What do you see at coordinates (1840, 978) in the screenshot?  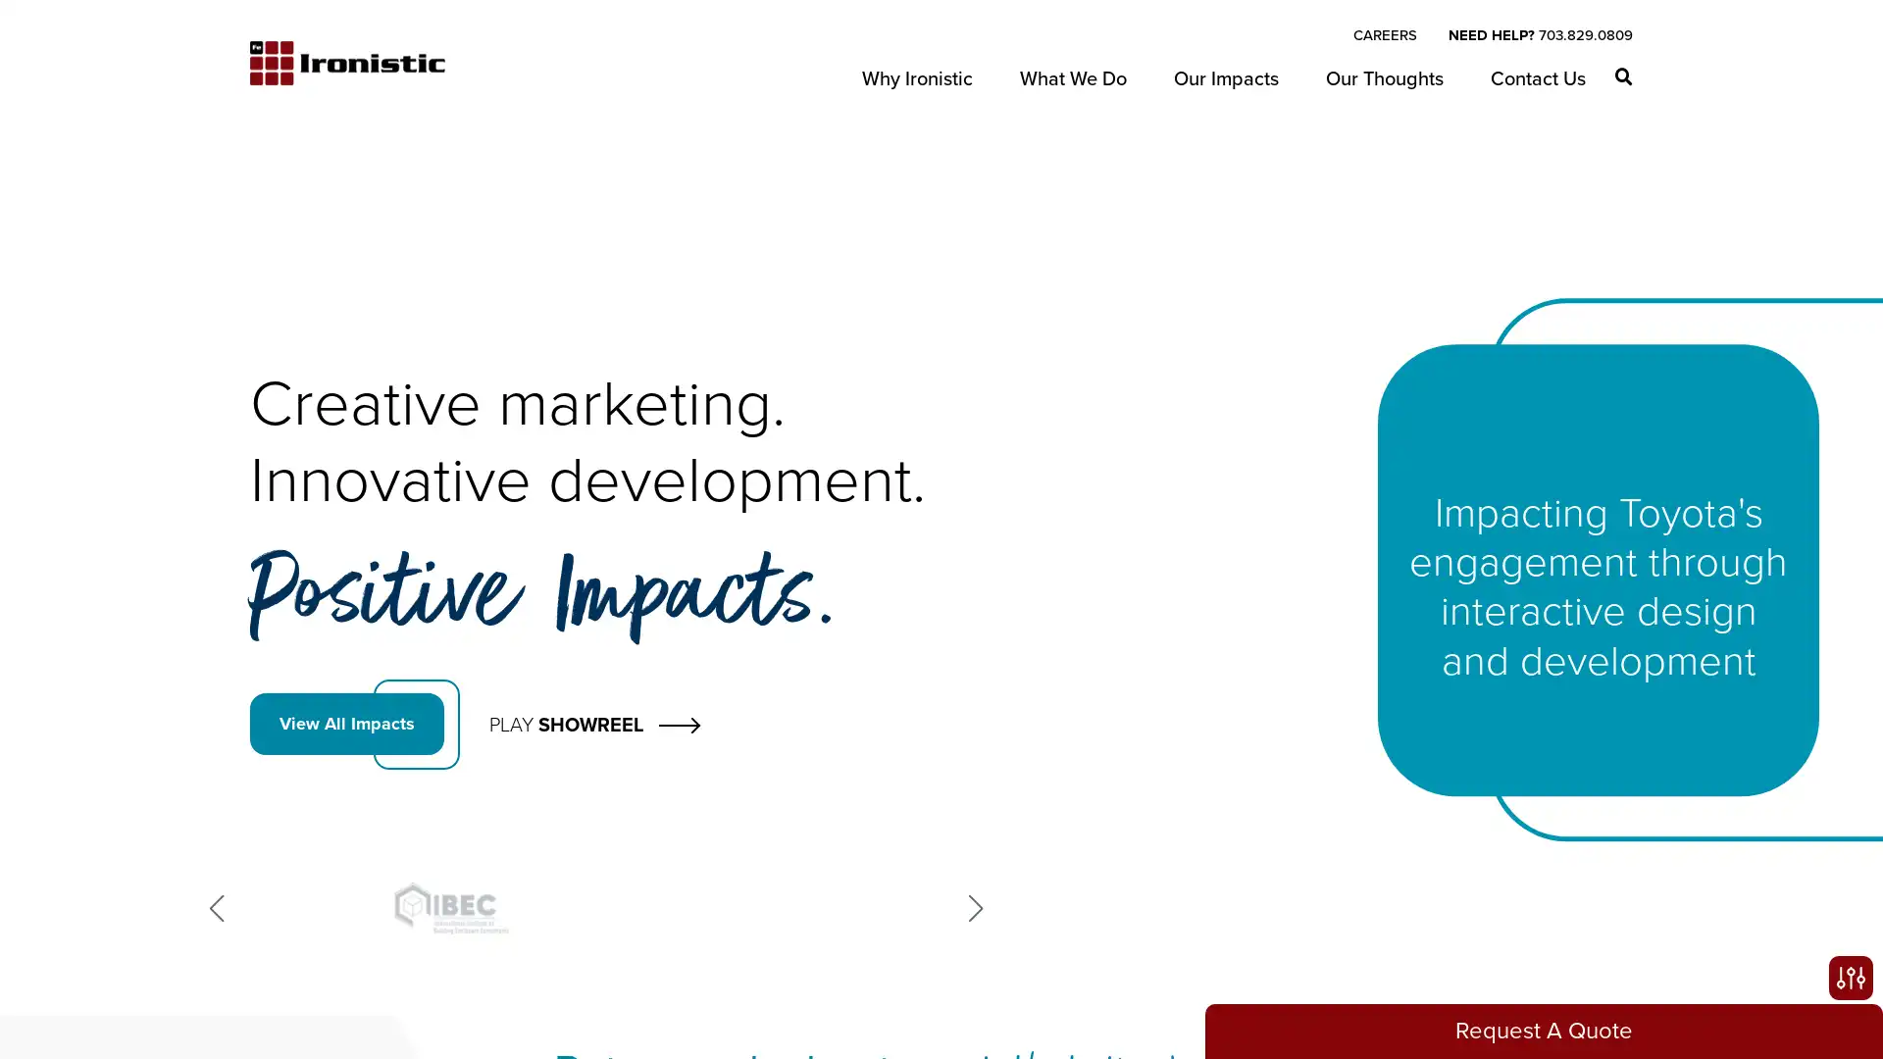 I see `Open accessibility options, statement and help` at bounding box center [1840, 978].